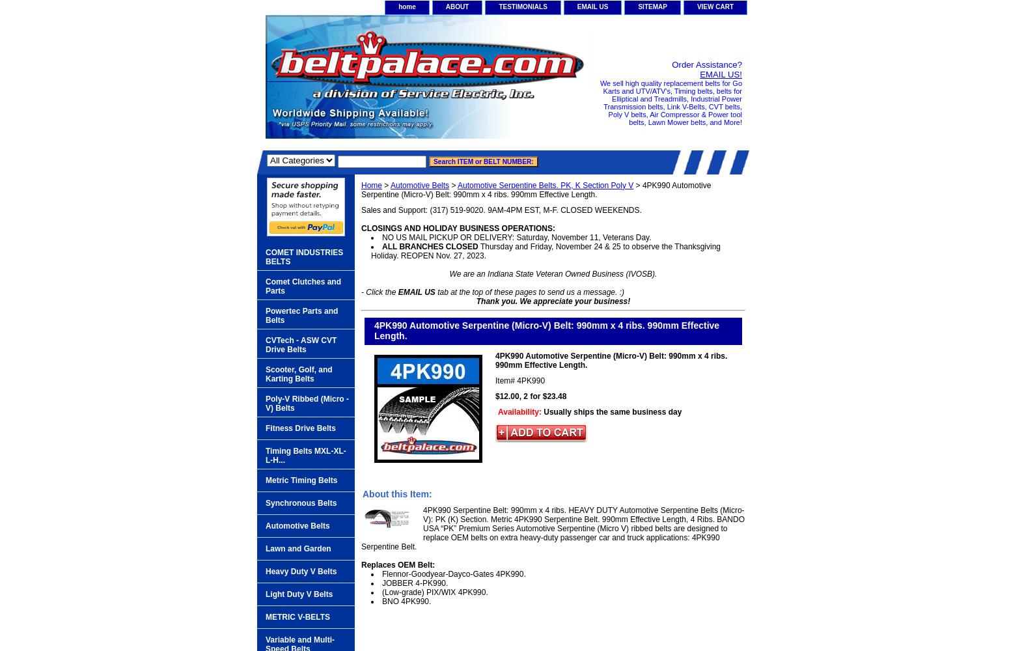  Describe the element at coordinates (429, 246) in the screenshot. I see `'ALL BRANCHES CLOSED'` at that location.